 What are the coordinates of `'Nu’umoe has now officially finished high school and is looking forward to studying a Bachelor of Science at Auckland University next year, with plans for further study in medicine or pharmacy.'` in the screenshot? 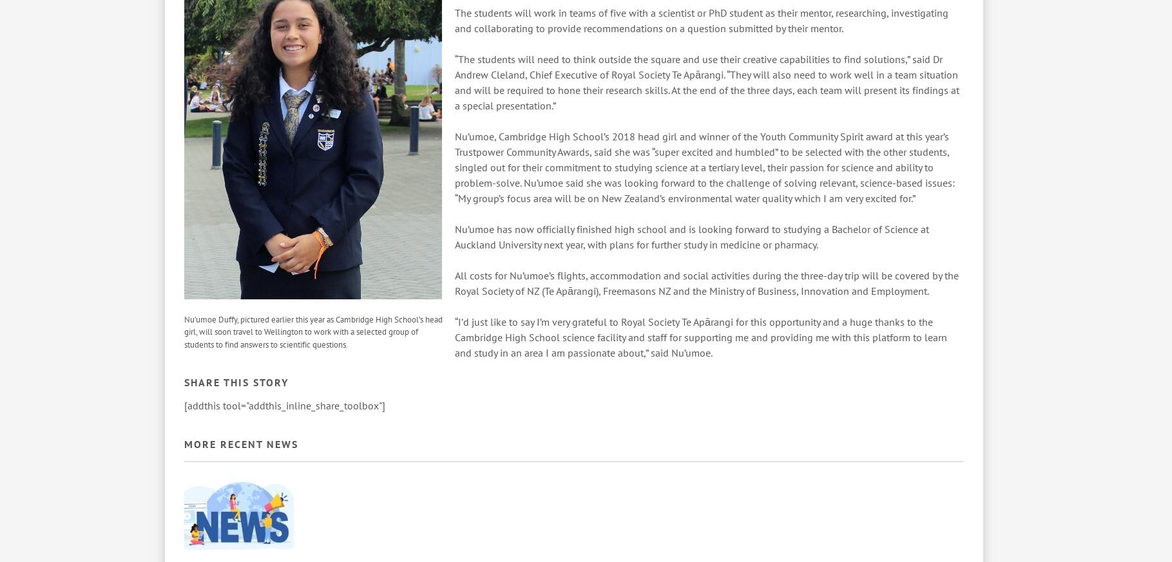 It's located at (454, 236).